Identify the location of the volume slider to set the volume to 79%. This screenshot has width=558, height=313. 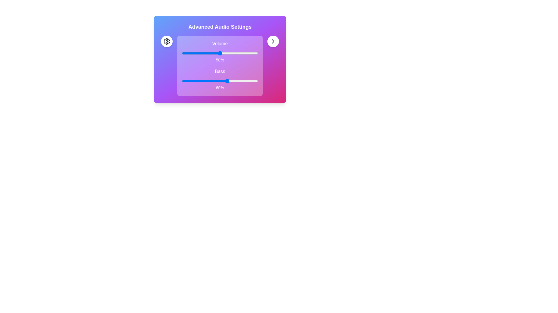
(242, 53).